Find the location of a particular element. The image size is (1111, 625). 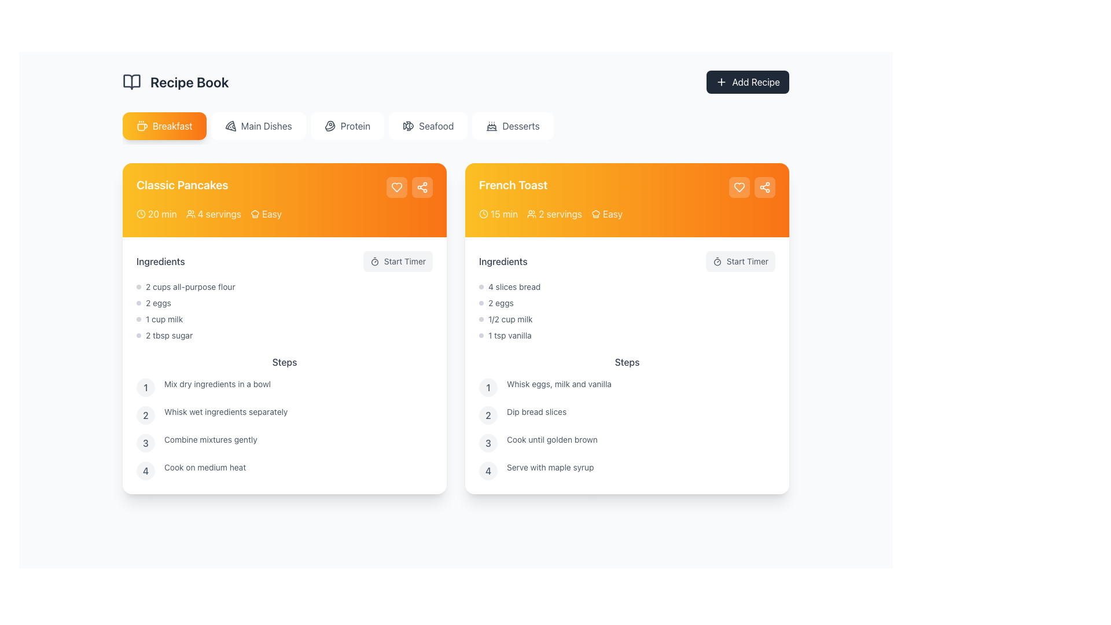

the gray number '1' in the circular background, which is the first step in the Steps section of the 'French Toast' recipe card is located at coordinates (488, 388).